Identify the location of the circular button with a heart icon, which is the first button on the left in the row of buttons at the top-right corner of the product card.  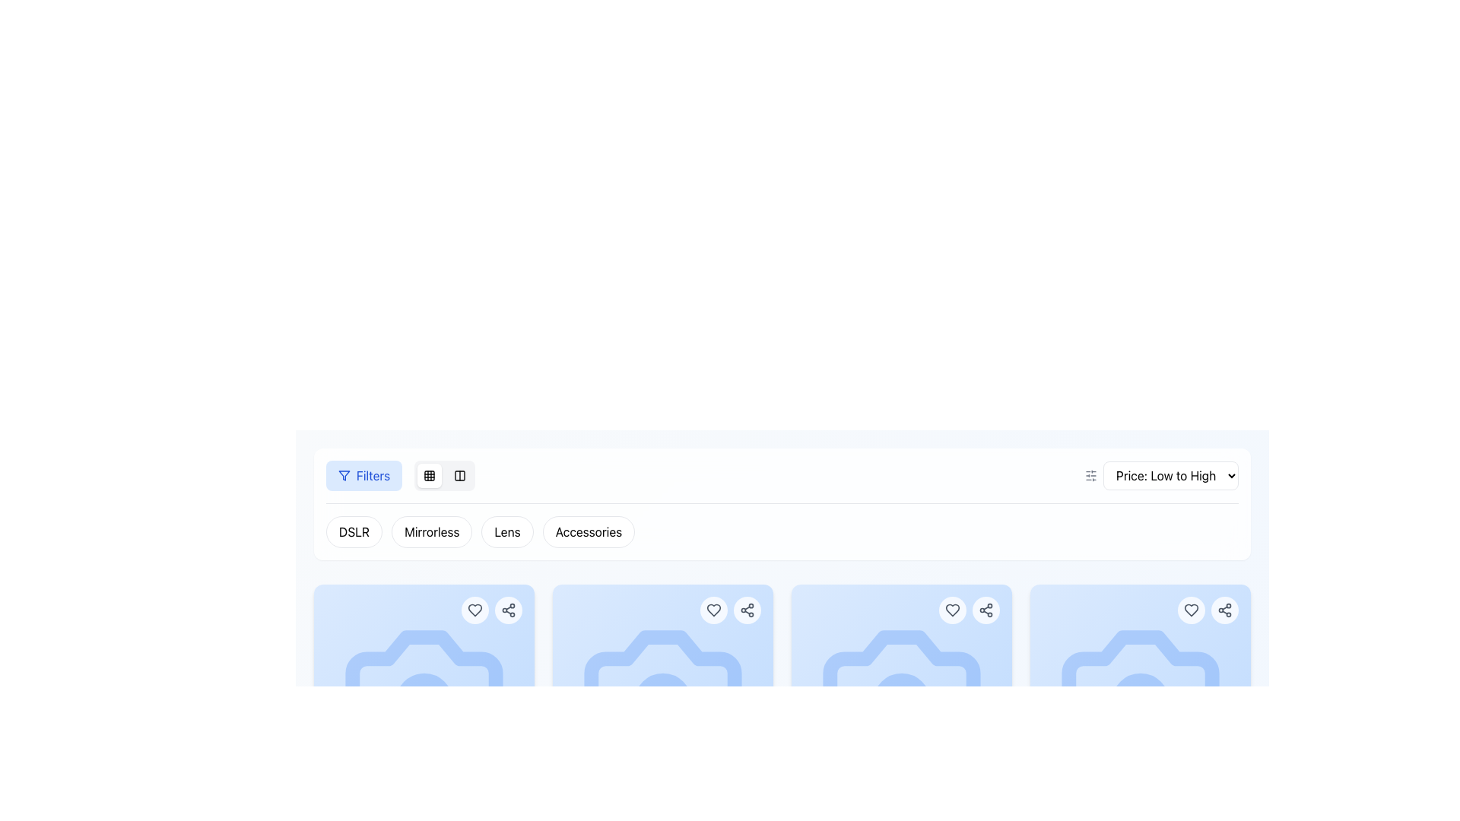
(713, 609).